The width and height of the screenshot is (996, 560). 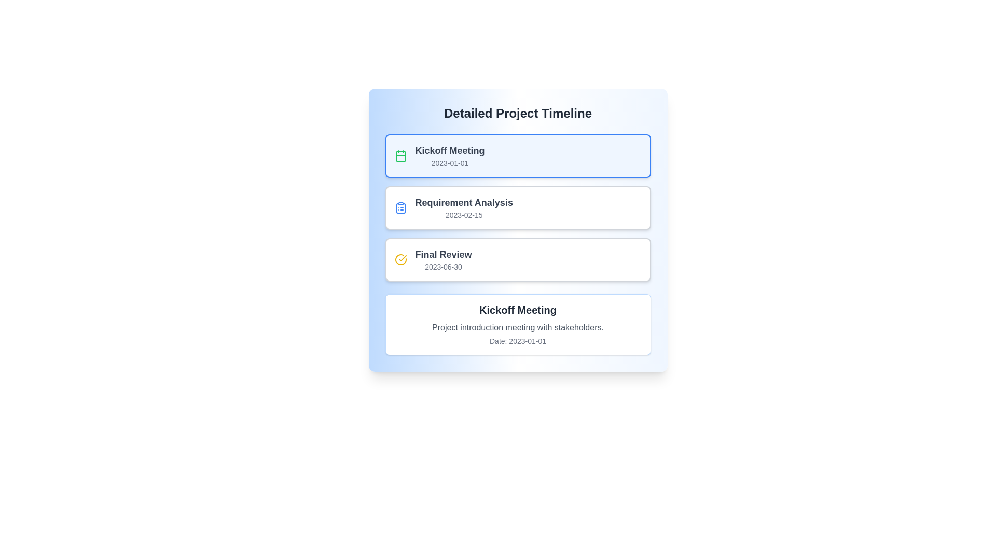 What do you see at coordinates (518, 114) in the screenshot?
I see `text from the bold, large dark gray text label that displays 'Detailed Project Timeline', which is centered at the top of the blue-bordered card background` at bounding box center [518, 114].